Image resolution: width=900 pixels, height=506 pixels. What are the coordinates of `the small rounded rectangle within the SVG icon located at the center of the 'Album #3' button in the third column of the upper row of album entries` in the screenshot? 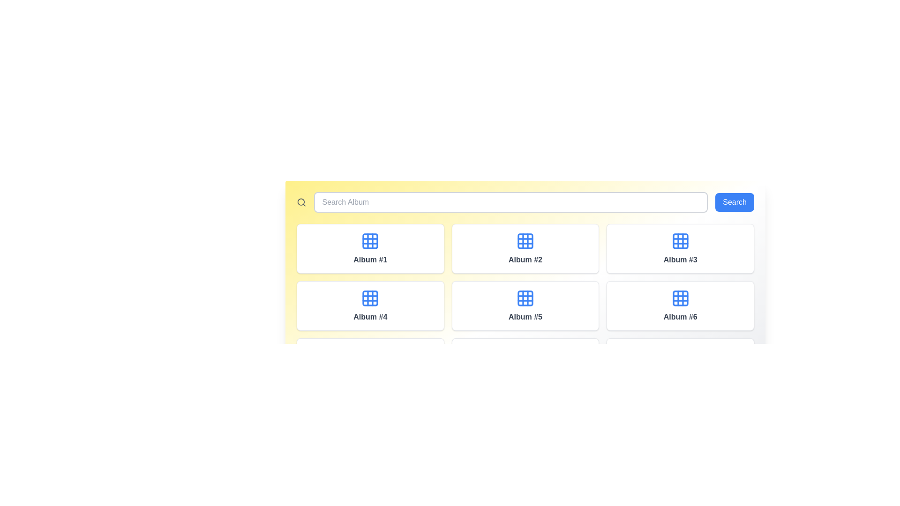 It's located at (680, 241).